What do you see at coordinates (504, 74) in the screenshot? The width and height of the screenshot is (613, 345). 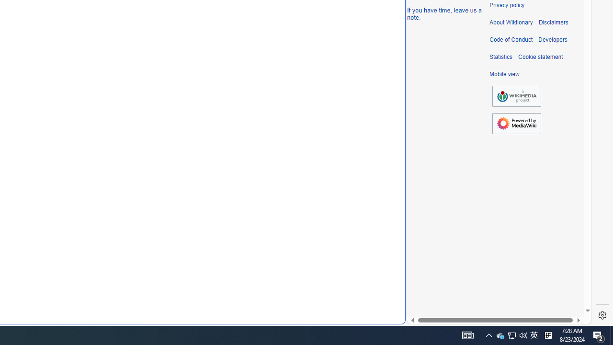 I see `'Mobile view'` at bounding box center [504, 74].